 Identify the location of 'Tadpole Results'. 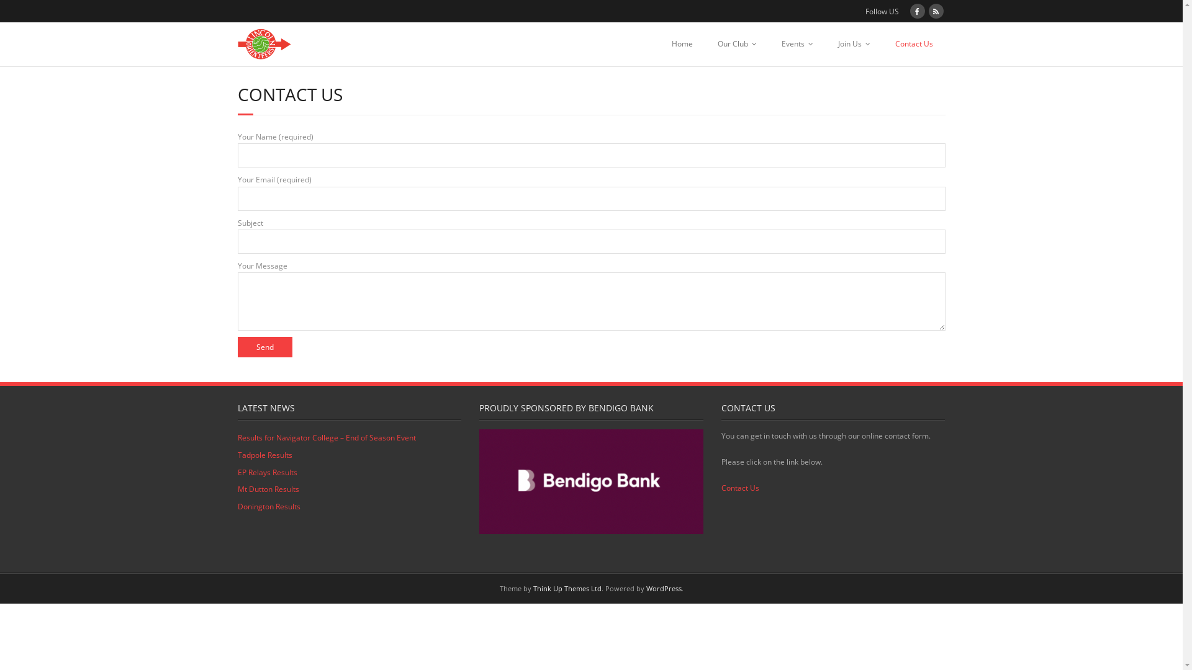
(264, 455).